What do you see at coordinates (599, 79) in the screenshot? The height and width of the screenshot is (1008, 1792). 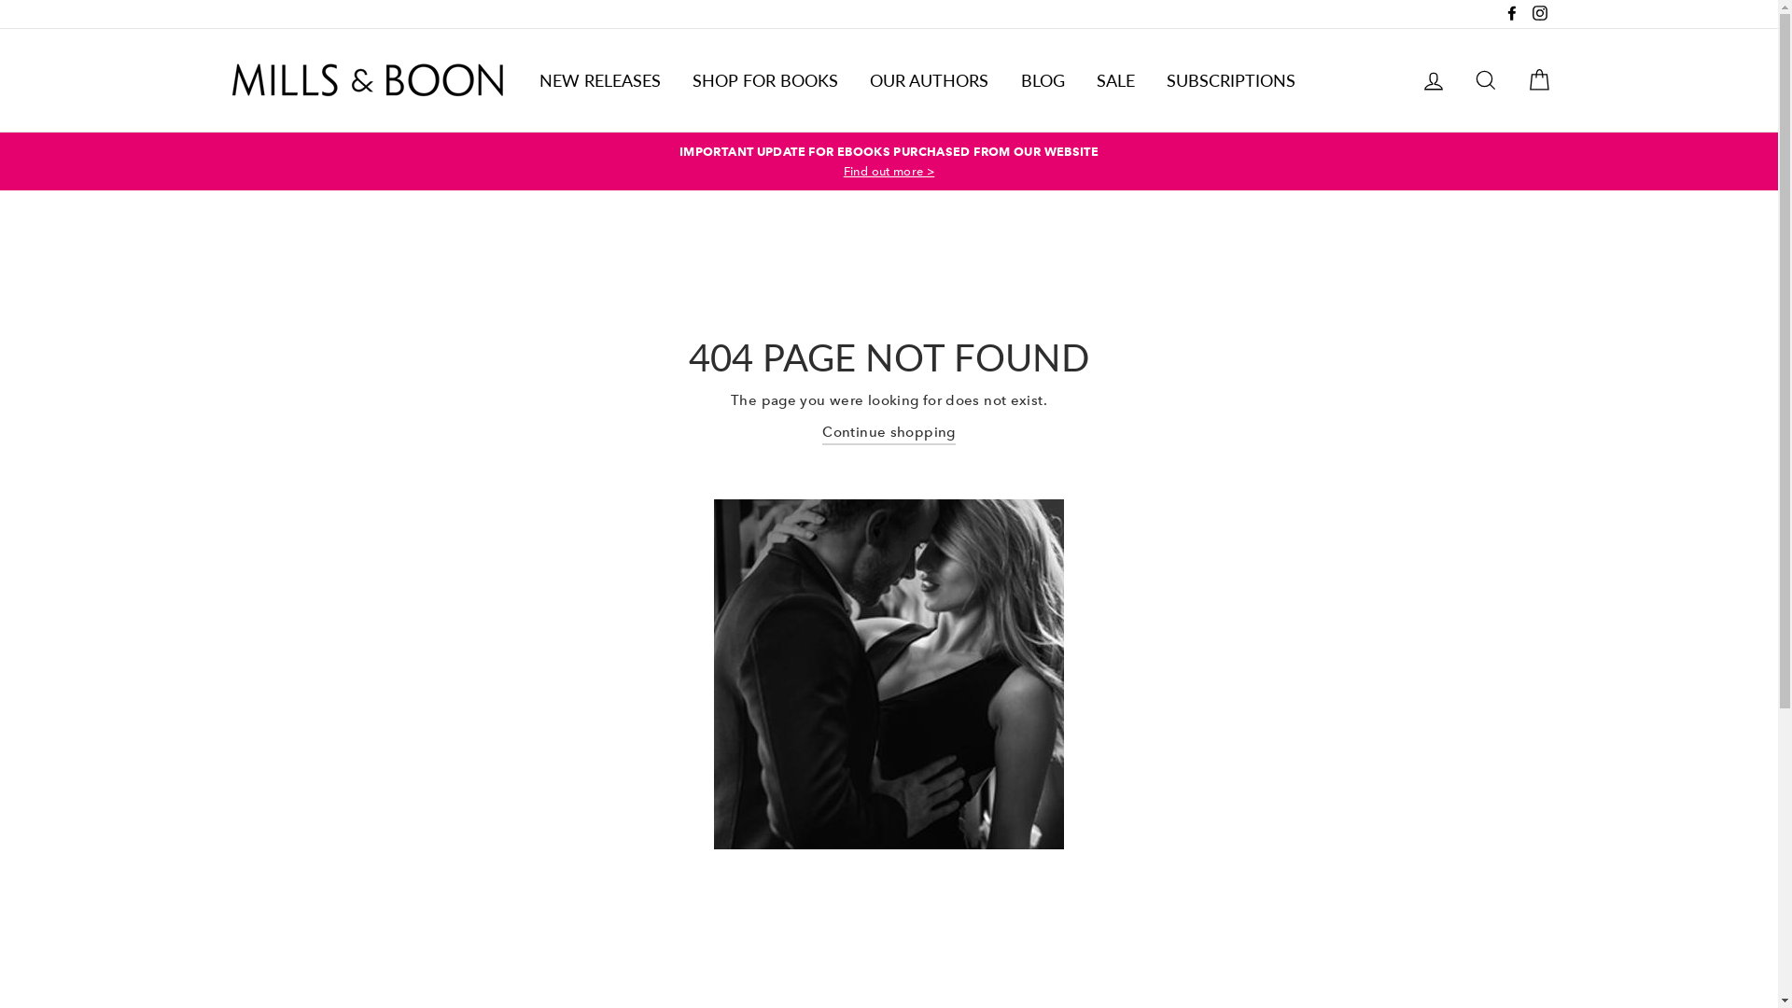 I see `'NEW RELEASES'` at bounding box center [599, 79].